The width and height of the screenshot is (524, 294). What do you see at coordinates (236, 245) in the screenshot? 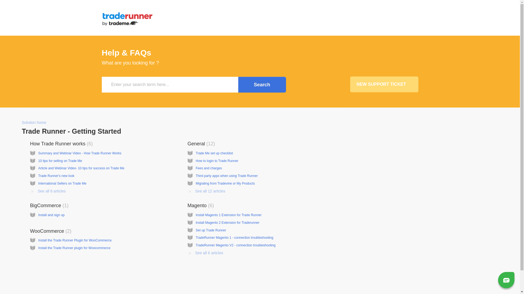
I see `'TradeRunner Magento V2 - connection troubleshooting'` at bounding box center [236, 245].